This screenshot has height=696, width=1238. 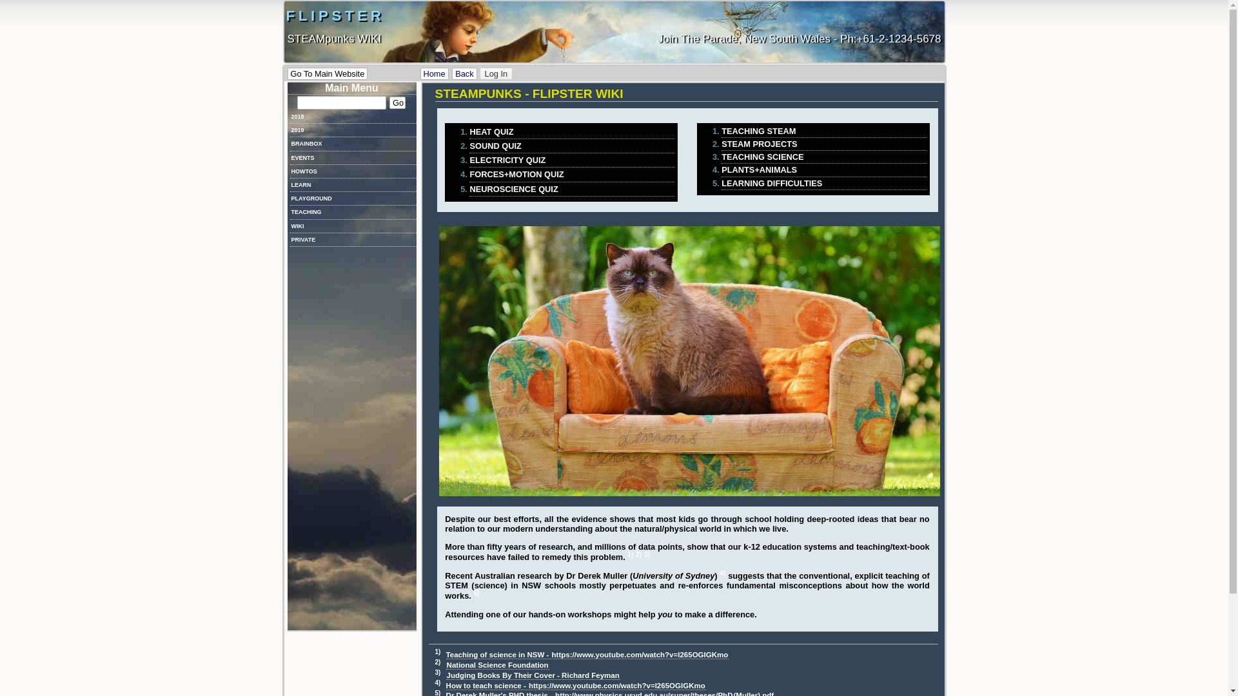 What do you see at coordinates (290, 185) in the screenshot?
I see `'LEARN'` at bounding box center [290, 185].